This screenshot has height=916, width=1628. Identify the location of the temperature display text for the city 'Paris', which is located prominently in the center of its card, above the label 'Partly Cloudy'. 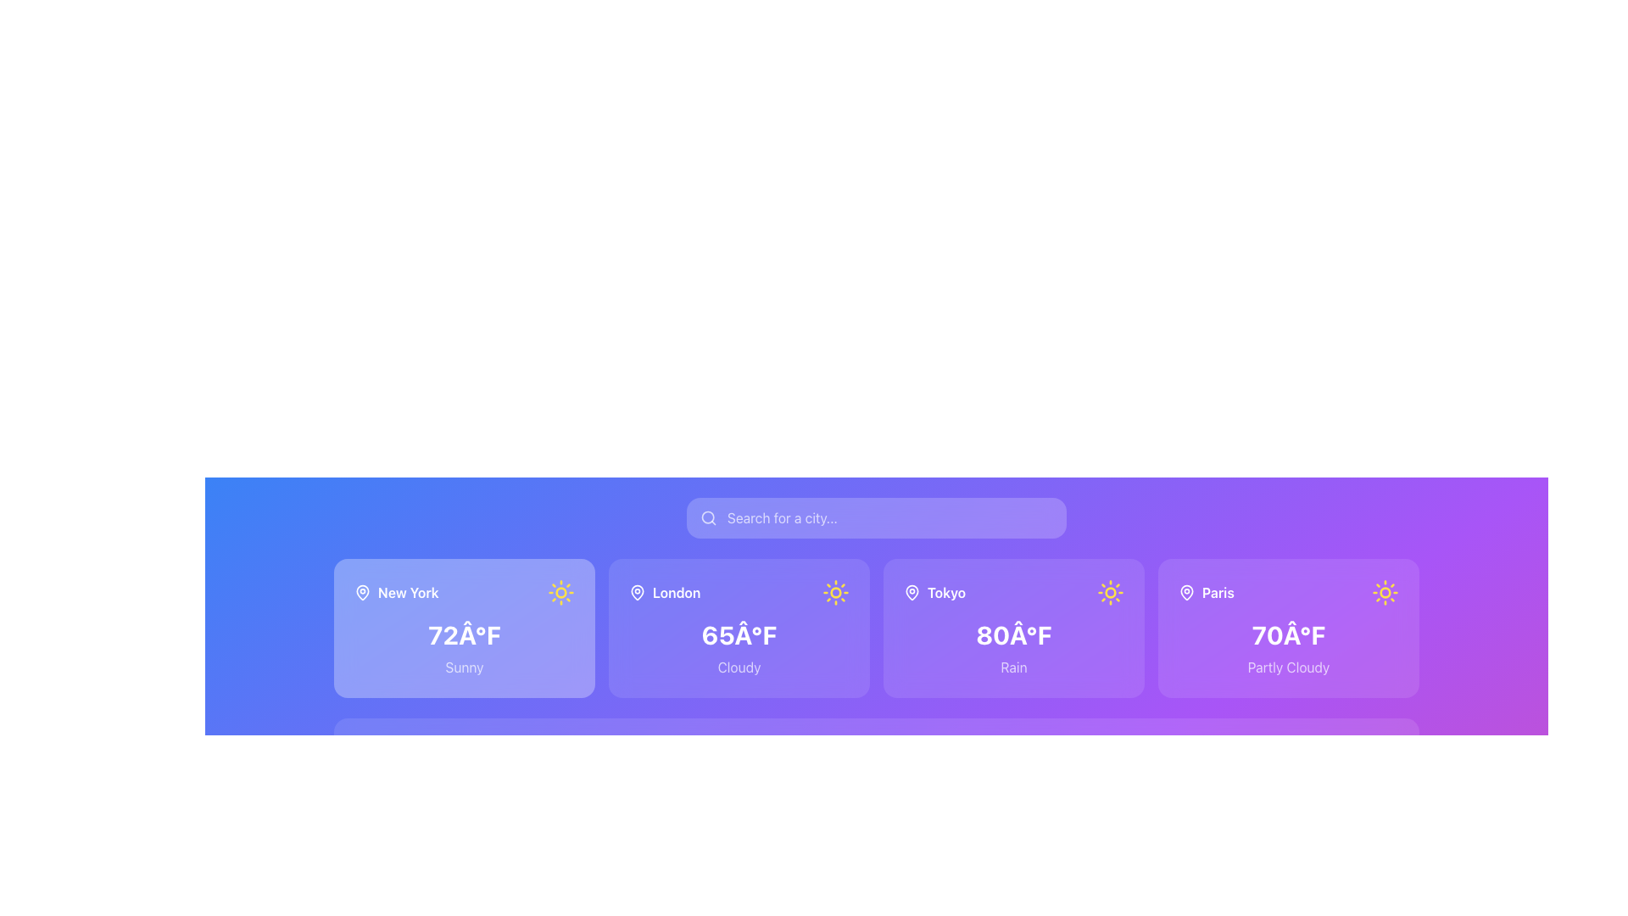
(1289, 634).